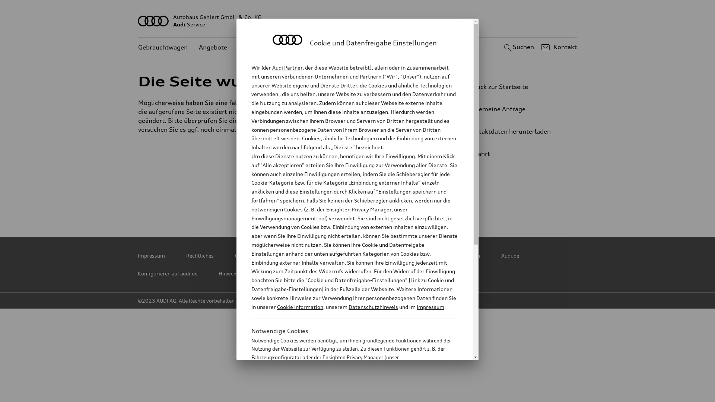  What do you see at coordinates (512, 109) in the screenshot?
I see `'Allgemeine Anfrage'` at bounding box center [512, 109].